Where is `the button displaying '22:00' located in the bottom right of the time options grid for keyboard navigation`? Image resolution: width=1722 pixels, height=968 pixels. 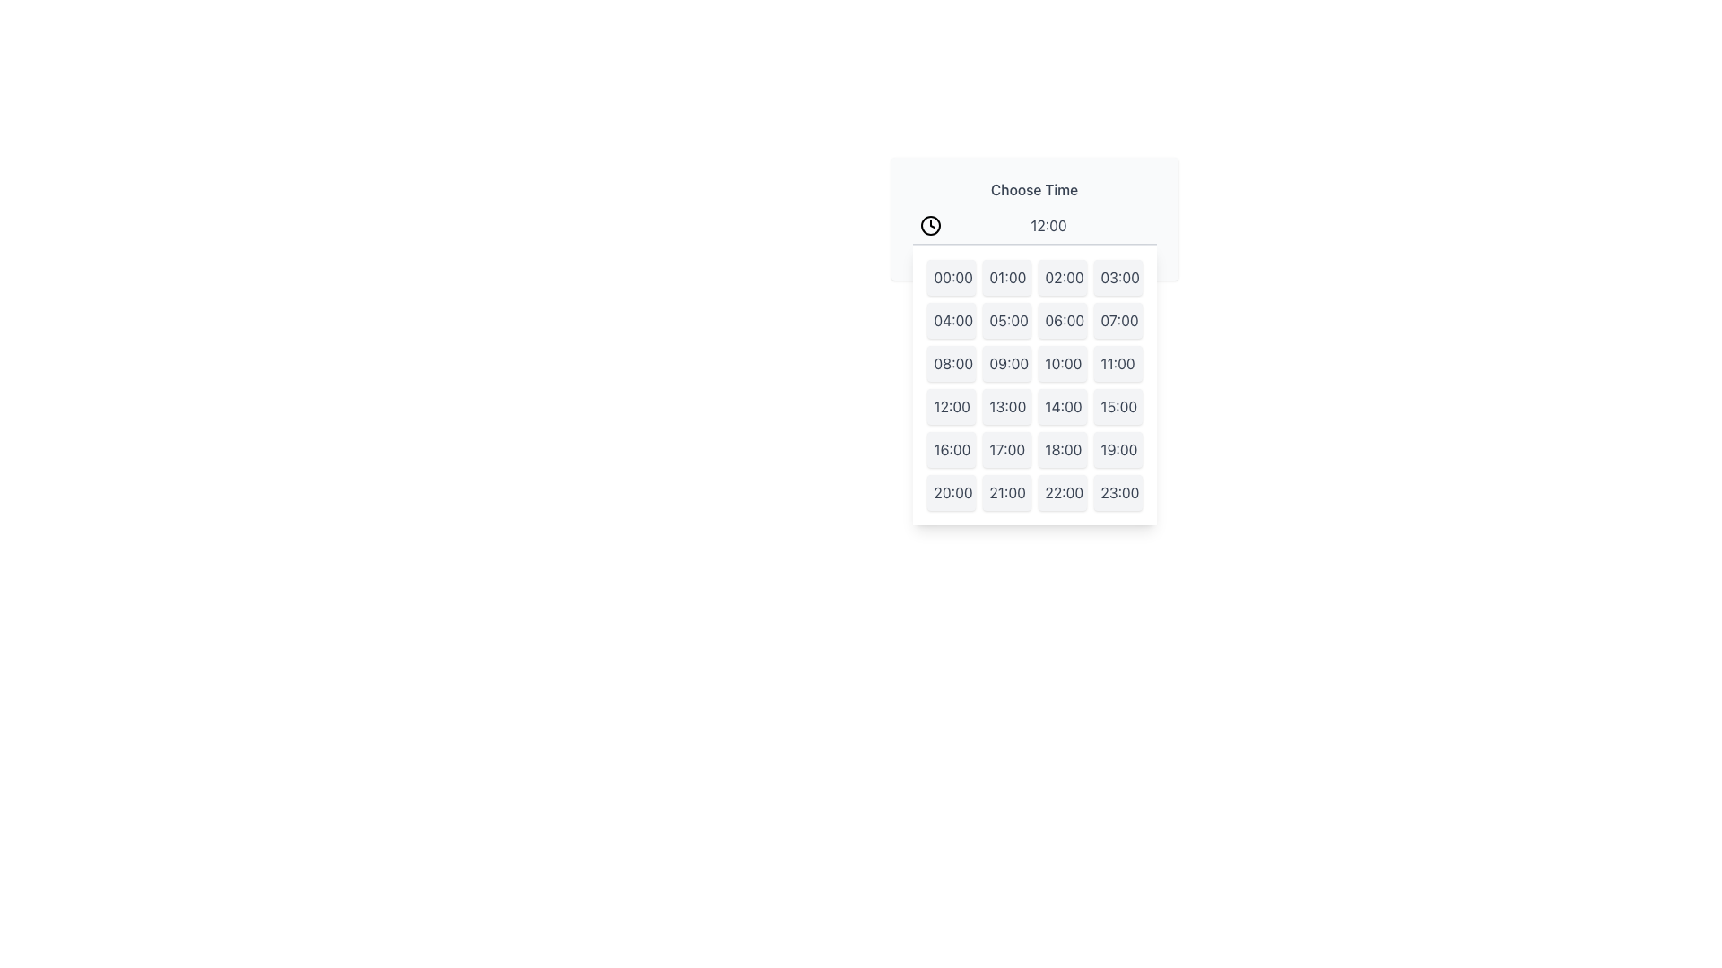 the button displaying '22:00' located in the bottom right of the time options grid for keyboard navigation is located at coordinates (1062, 493).